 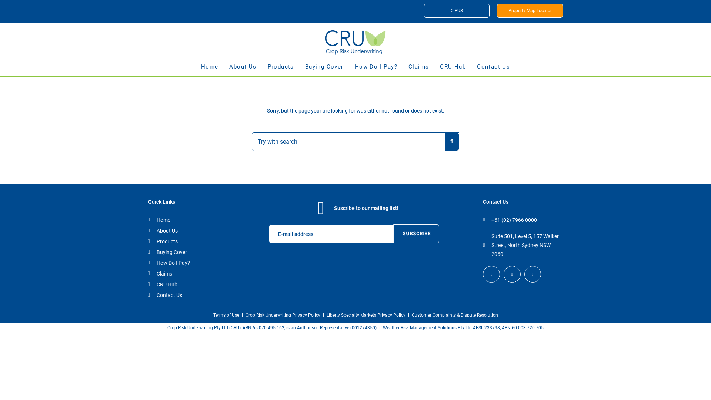 I want to click on 'CRU Hub', so click(x=453, y=70).